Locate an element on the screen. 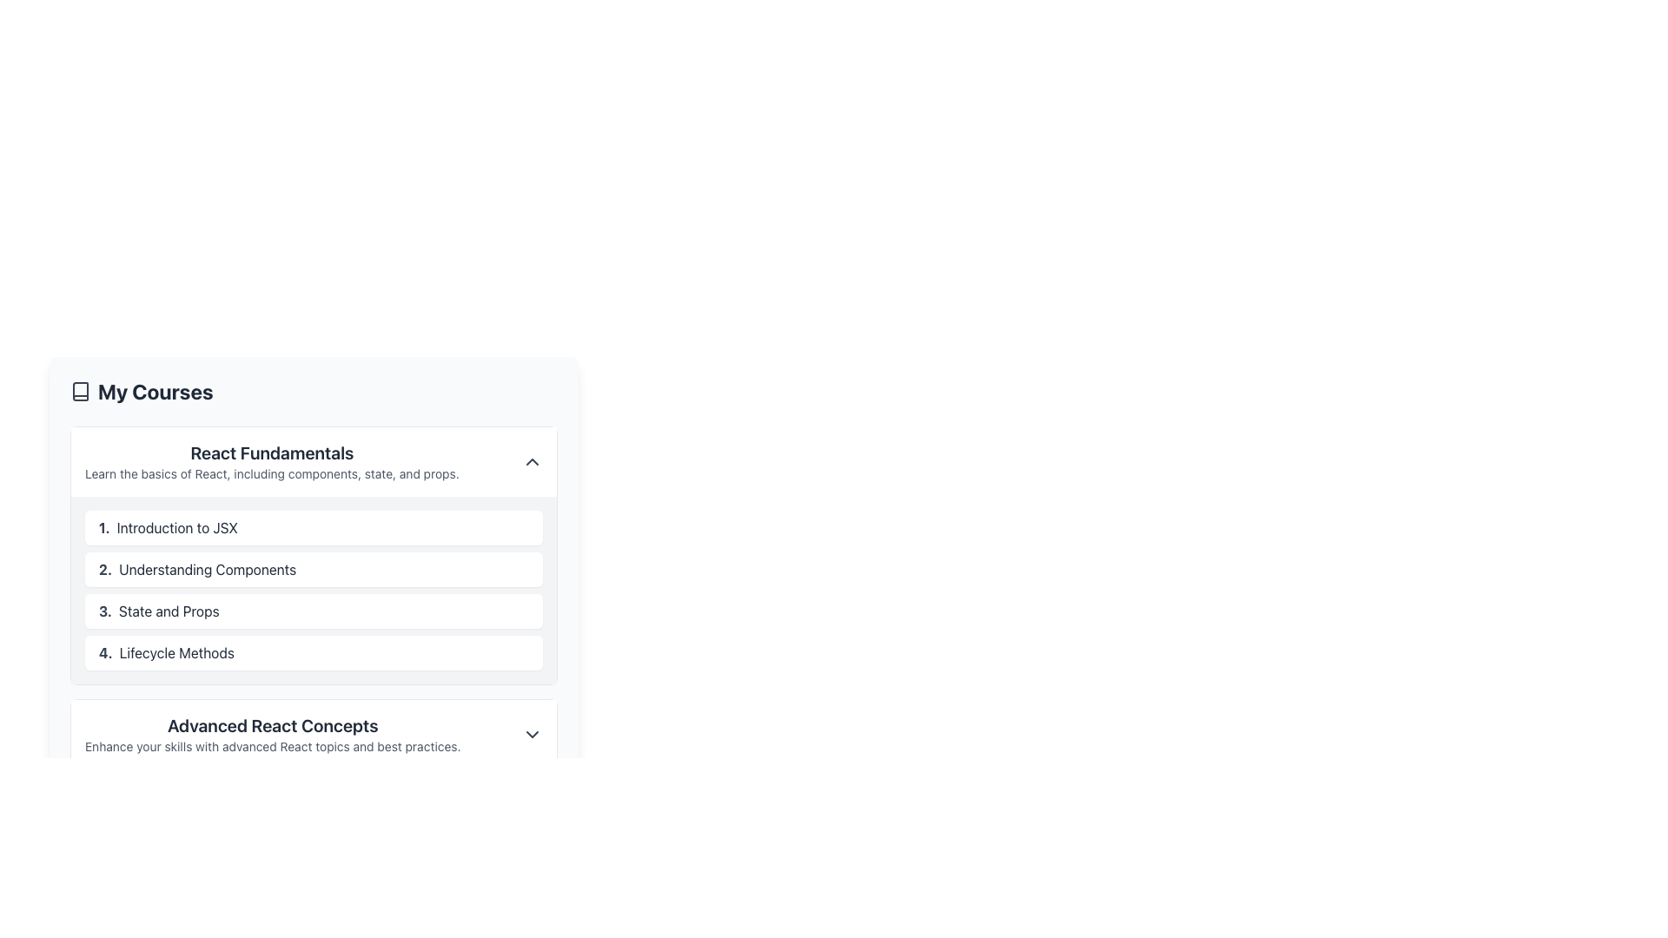 This screenshot has width=1668, height=938. the List Item for 'Introduction to JSX' within the 'React Fundamentals' section is located at coordinates (314, 545).